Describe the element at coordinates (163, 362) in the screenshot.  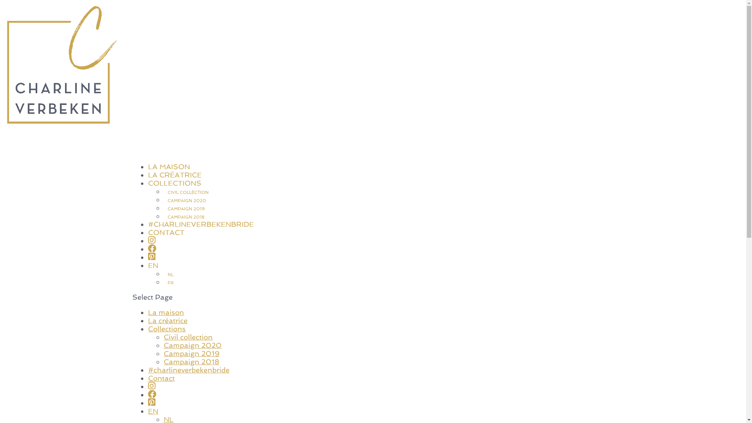
I see `'Campaign 2018'` at that location.